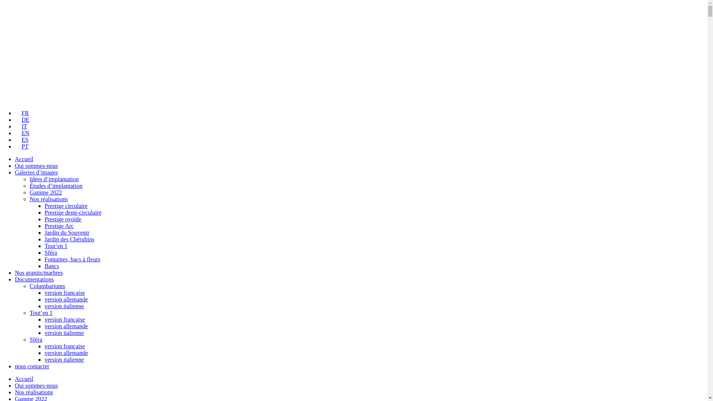  Describe the element at coordinates (73, 212) in the screenshot. I see `'Prestige demi-circulaire'` at that location.